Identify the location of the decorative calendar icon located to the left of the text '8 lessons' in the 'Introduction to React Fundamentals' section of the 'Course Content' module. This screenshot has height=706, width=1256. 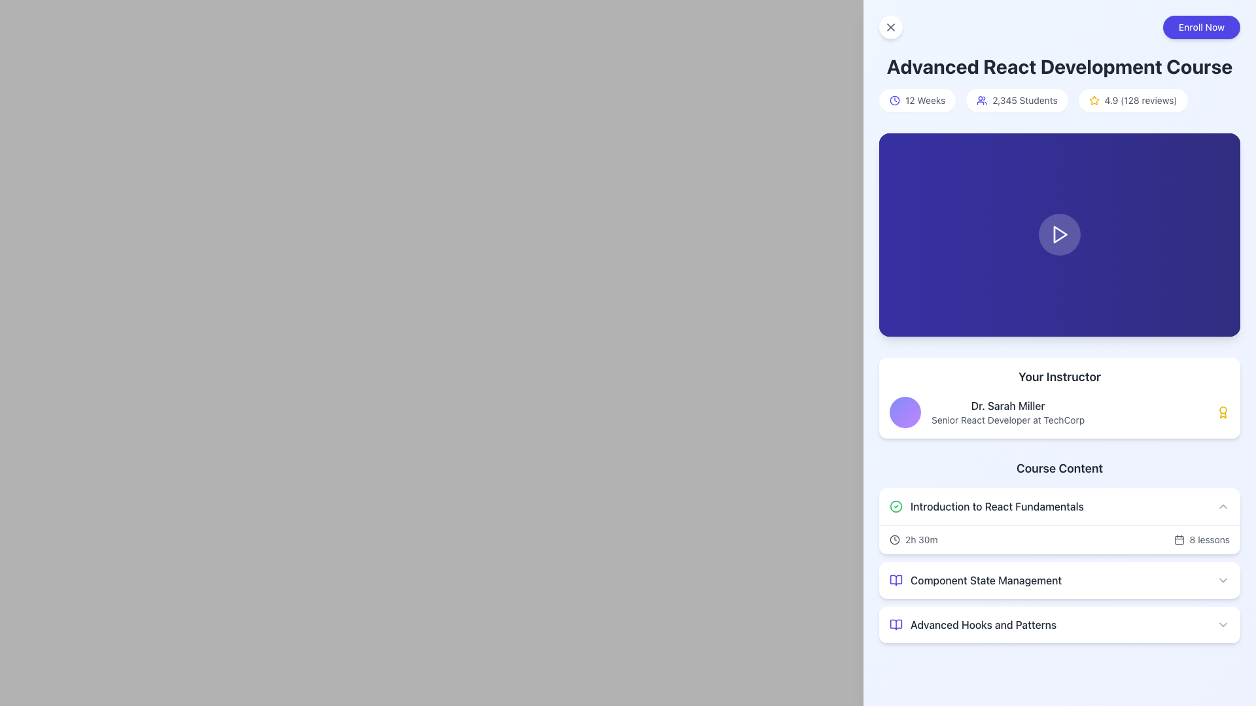
(1179, 539).